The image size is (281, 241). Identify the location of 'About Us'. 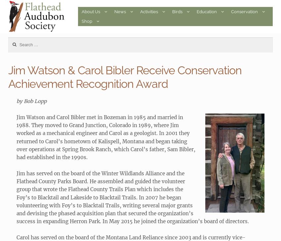
(90, 11).